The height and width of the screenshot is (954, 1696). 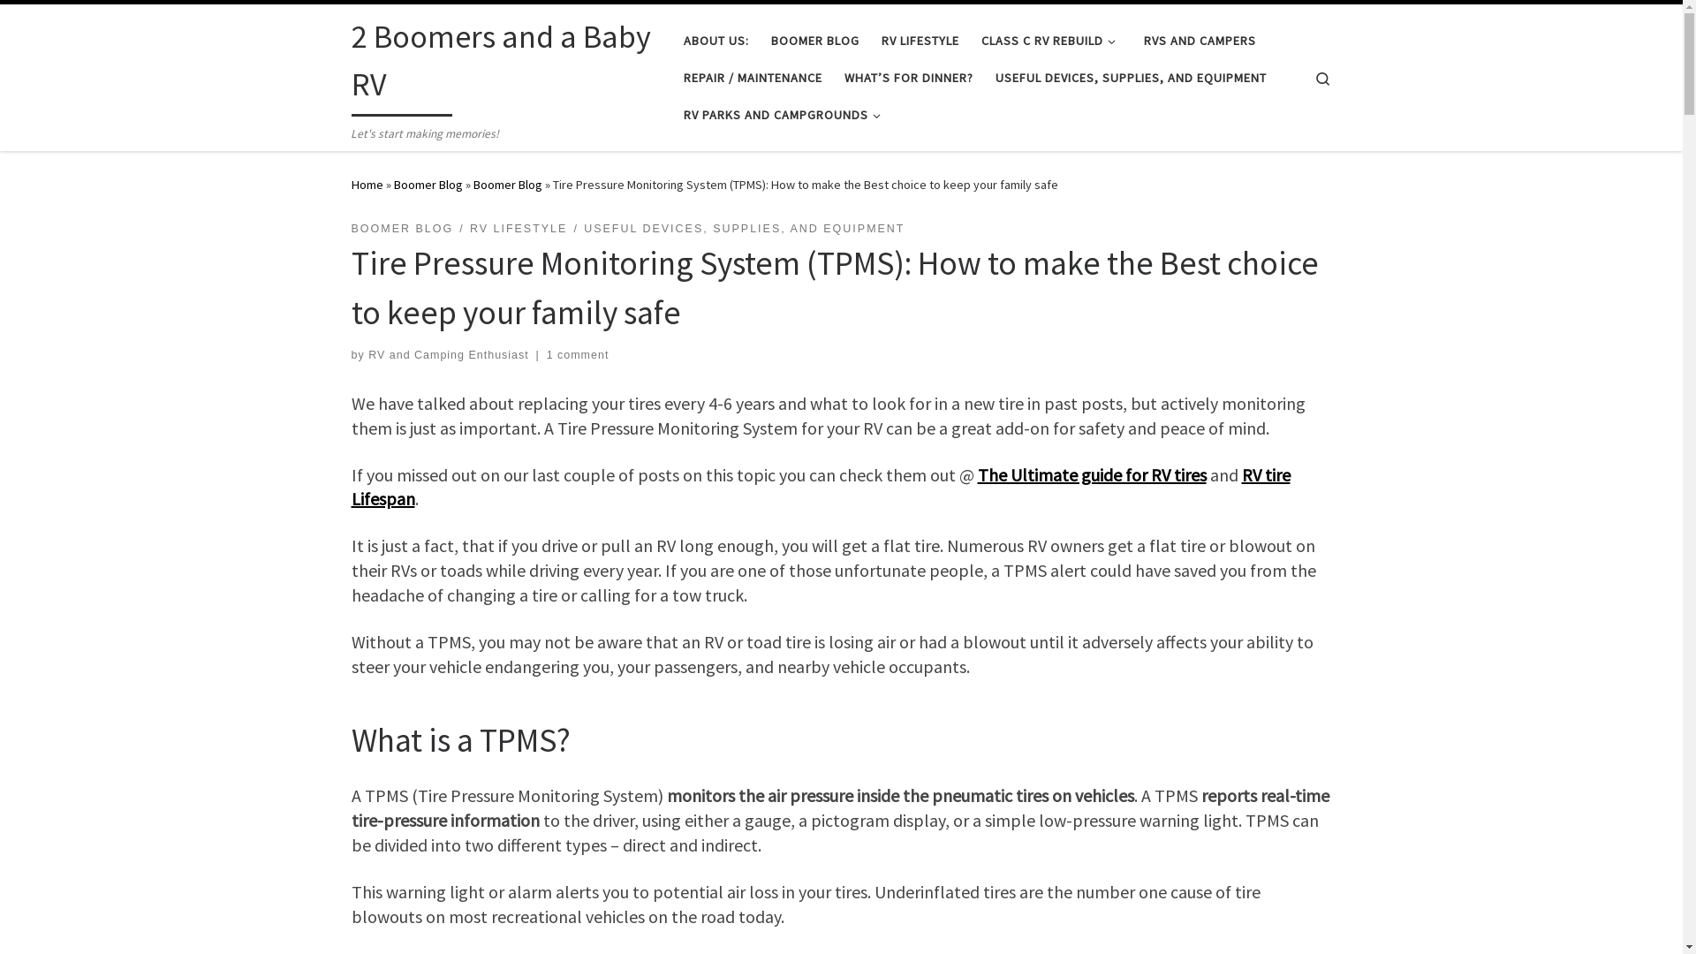 What do you see at coordinates (974, 40) in the screenshot?
I see `'CLASS C RV REBUILD'` at bounding box center [974, 40].